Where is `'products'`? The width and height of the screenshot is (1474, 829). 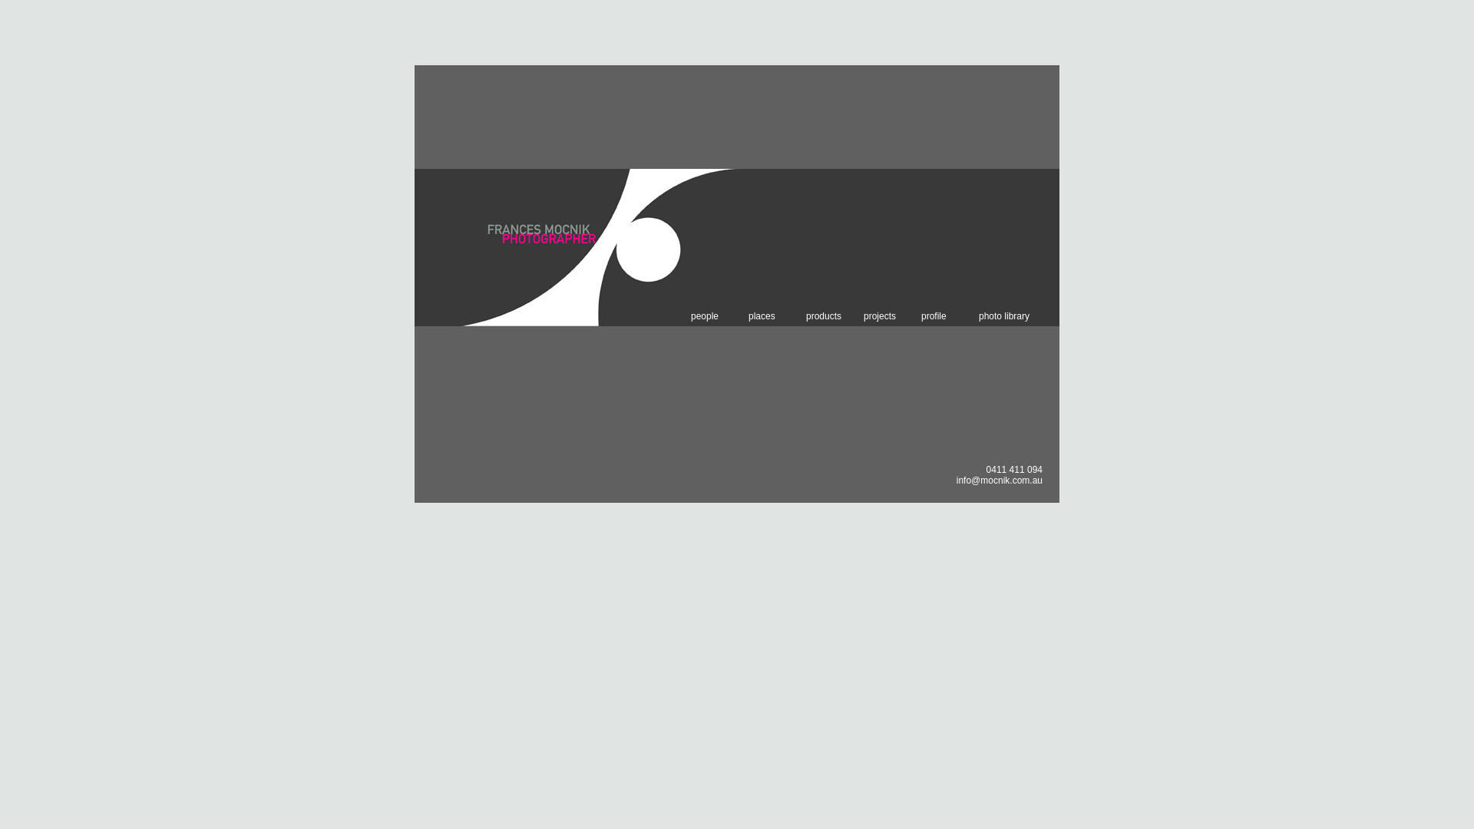
'products' is located at coordinates (834, 315).